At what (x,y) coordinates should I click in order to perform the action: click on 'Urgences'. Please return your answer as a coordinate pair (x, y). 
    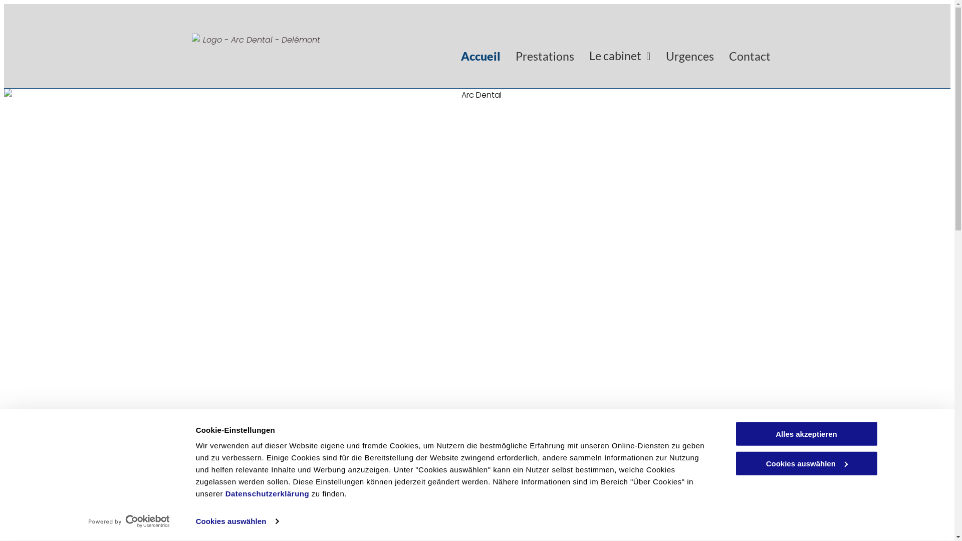
    Looking at the image, I should click on (689, 56).